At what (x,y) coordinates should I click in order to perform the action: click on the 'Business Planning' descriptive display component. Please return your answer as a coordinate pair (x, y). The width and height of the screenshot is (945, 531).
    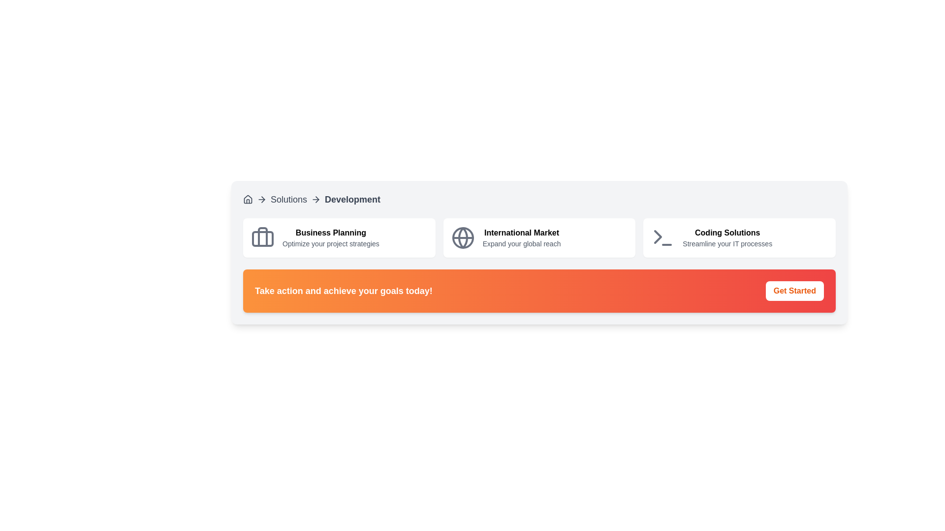
    Looking at the image, I should click on (331, 237).